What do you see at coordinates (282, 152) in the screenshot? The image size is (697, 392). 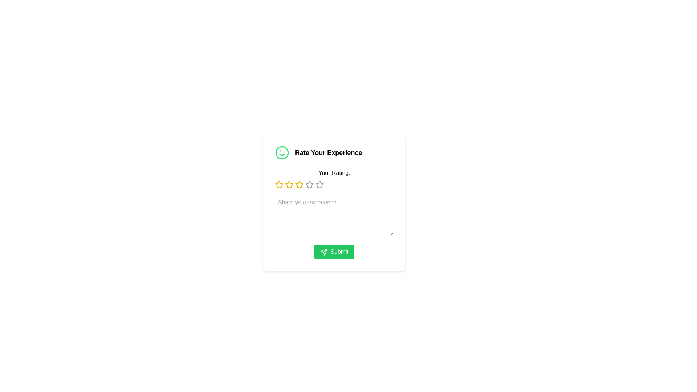 I see `the green circular outline of the smiley face, which is part of the SVG icon in the feedback form interface, located to the left of the title 'Rate Your Experience'` at bounding box center [282, 152].